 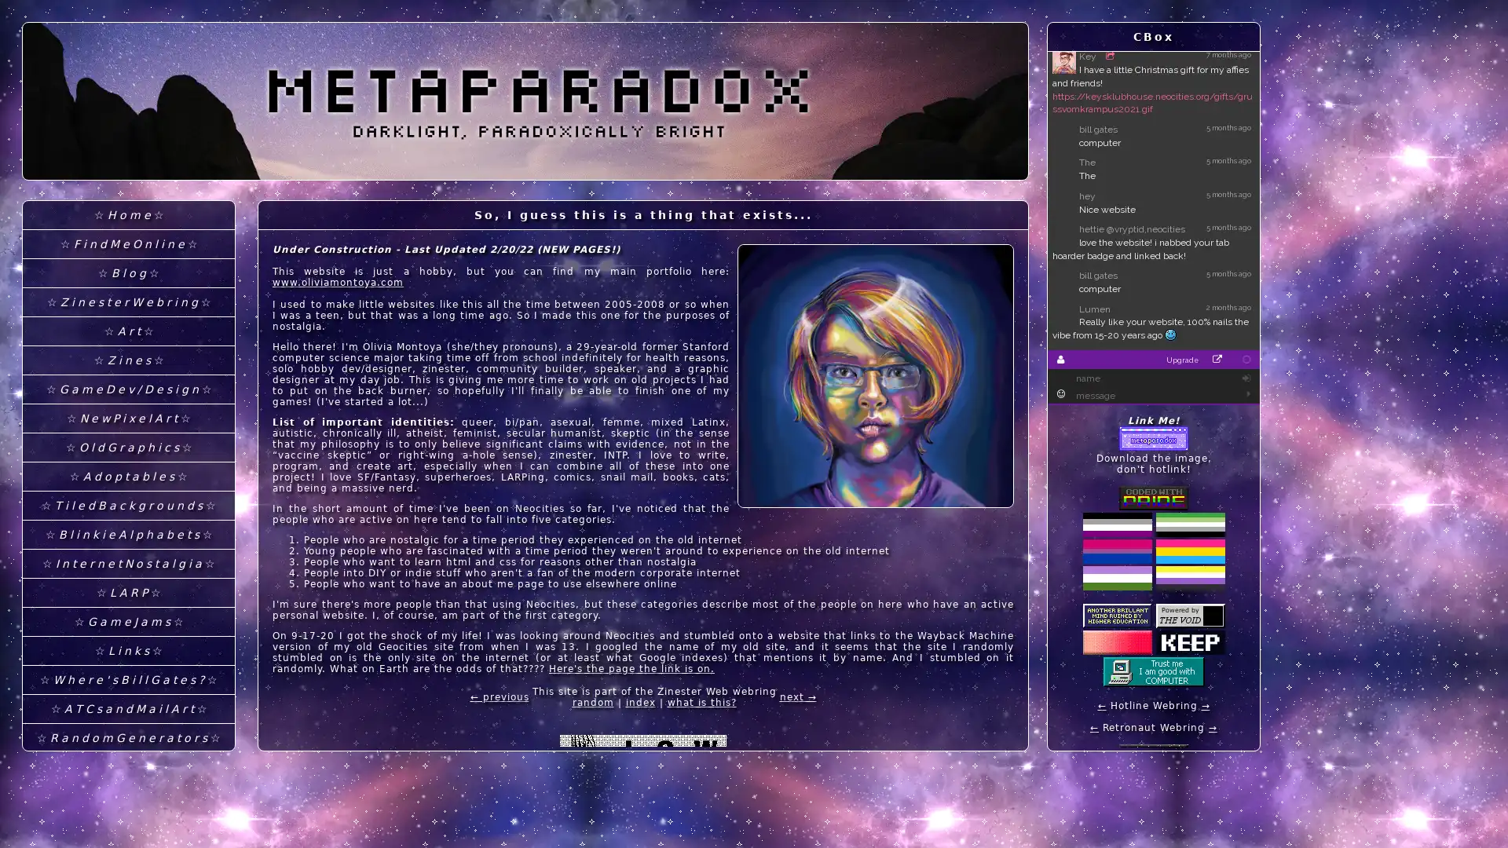 What do you see at coordinates (128, 360) in the screenshot?
I see `Z i n e s` at bounding box center [128, 360].